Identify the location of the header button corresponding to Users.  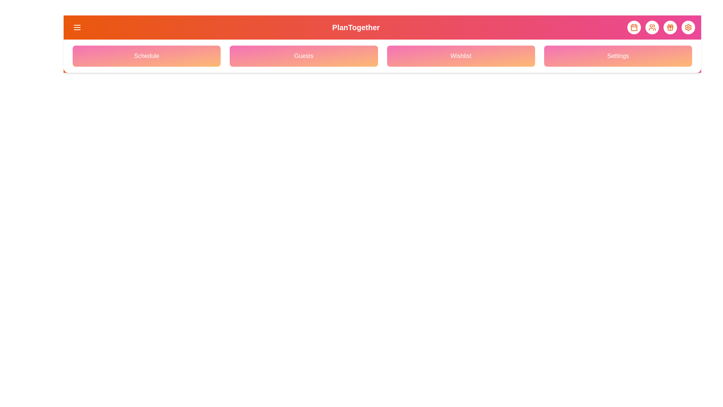
(652, 27).